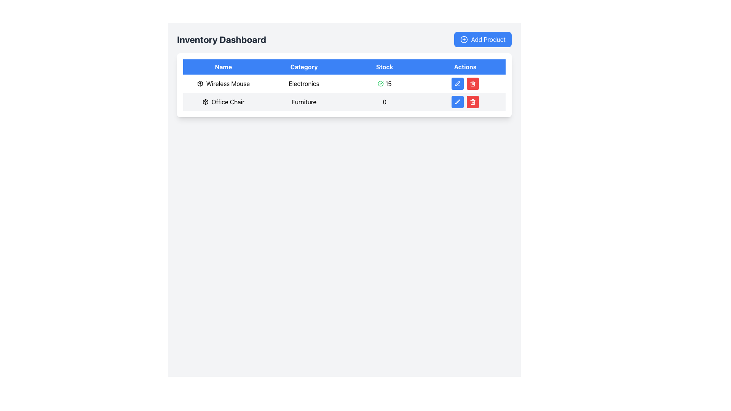 The width and height of the screenshot is (731, 411). What do you see at coordinates (457, 101) in the screenshot?
I see `the pen icon within the 'Actions' cell of the second row in the table` at bounding box center [457, 101].